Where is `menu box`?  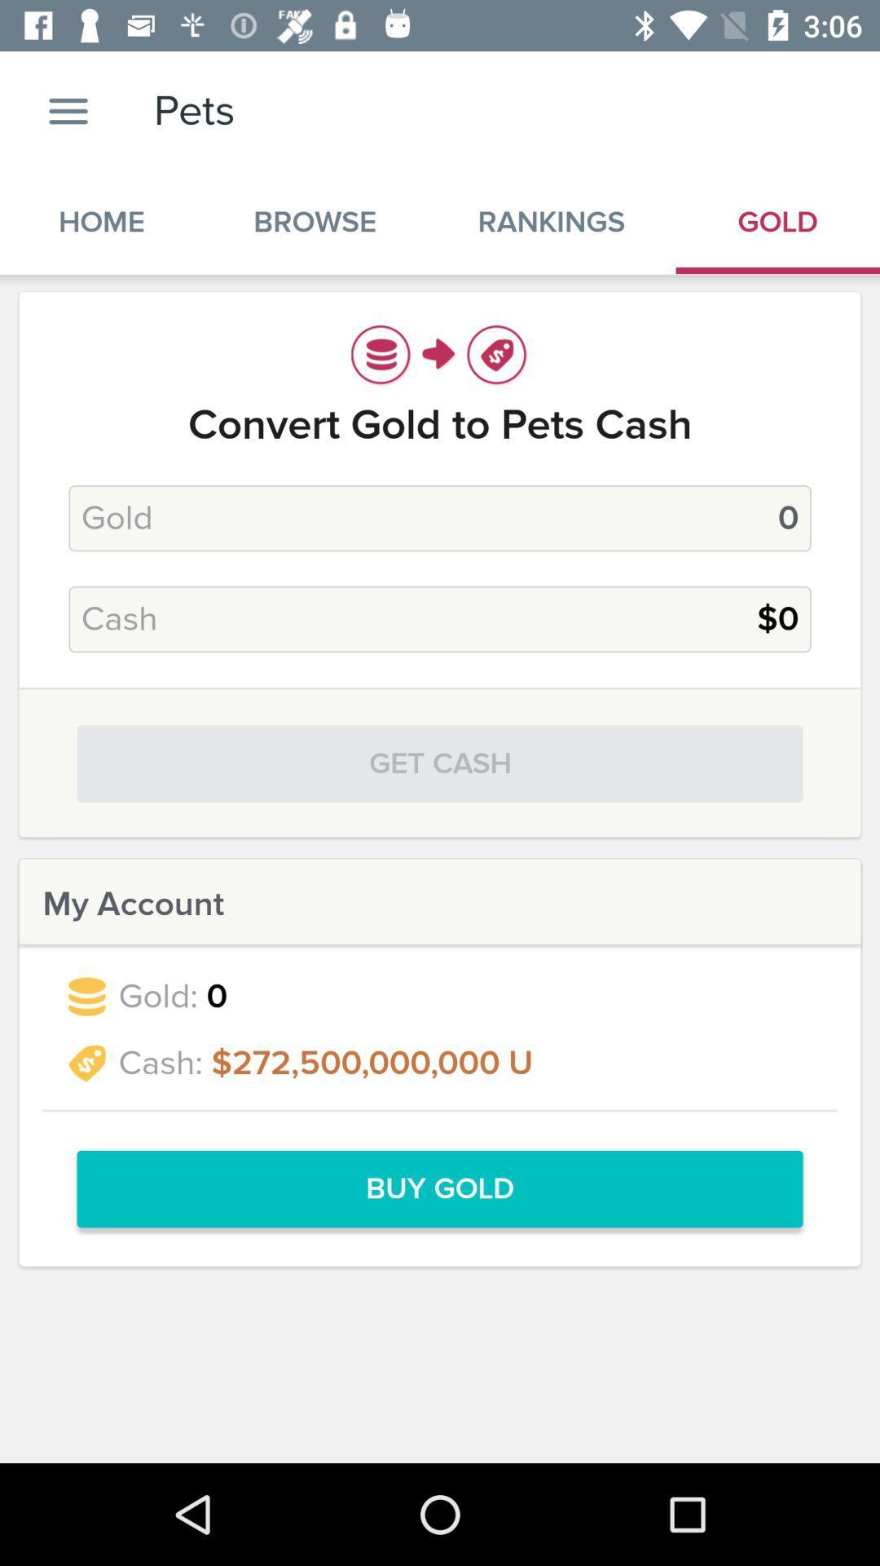
menu box is located at coordinates (68, 110).